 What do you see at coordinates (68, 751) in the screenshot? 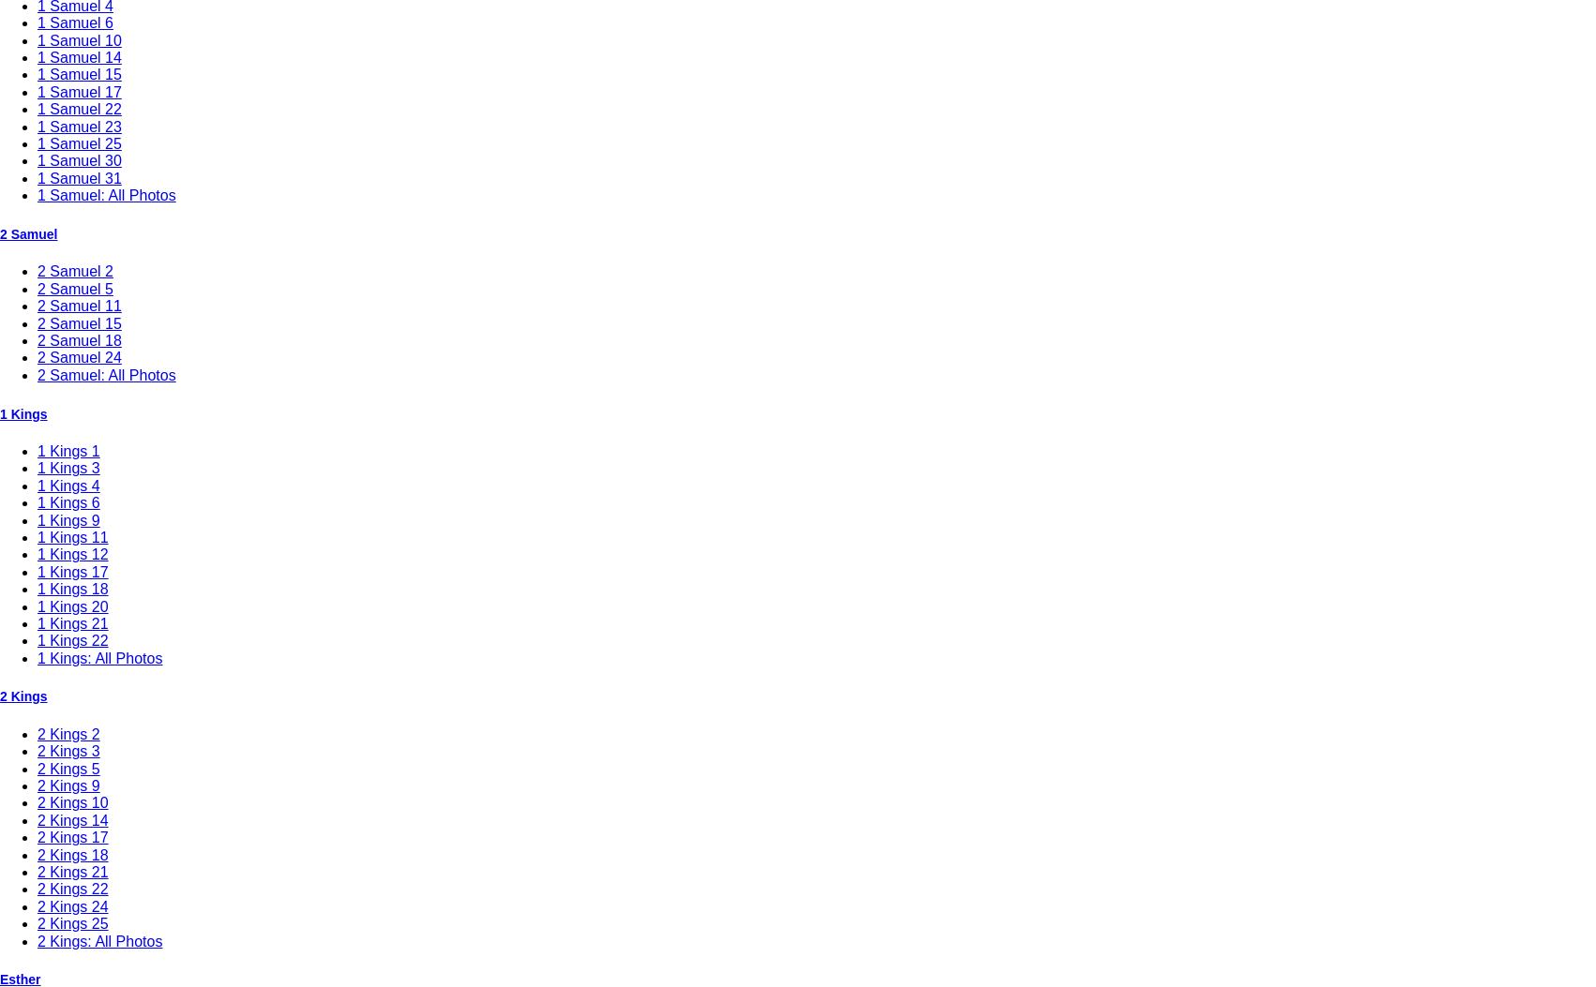
I see `'2 Kings 3'` at bounding box center [68, 751].